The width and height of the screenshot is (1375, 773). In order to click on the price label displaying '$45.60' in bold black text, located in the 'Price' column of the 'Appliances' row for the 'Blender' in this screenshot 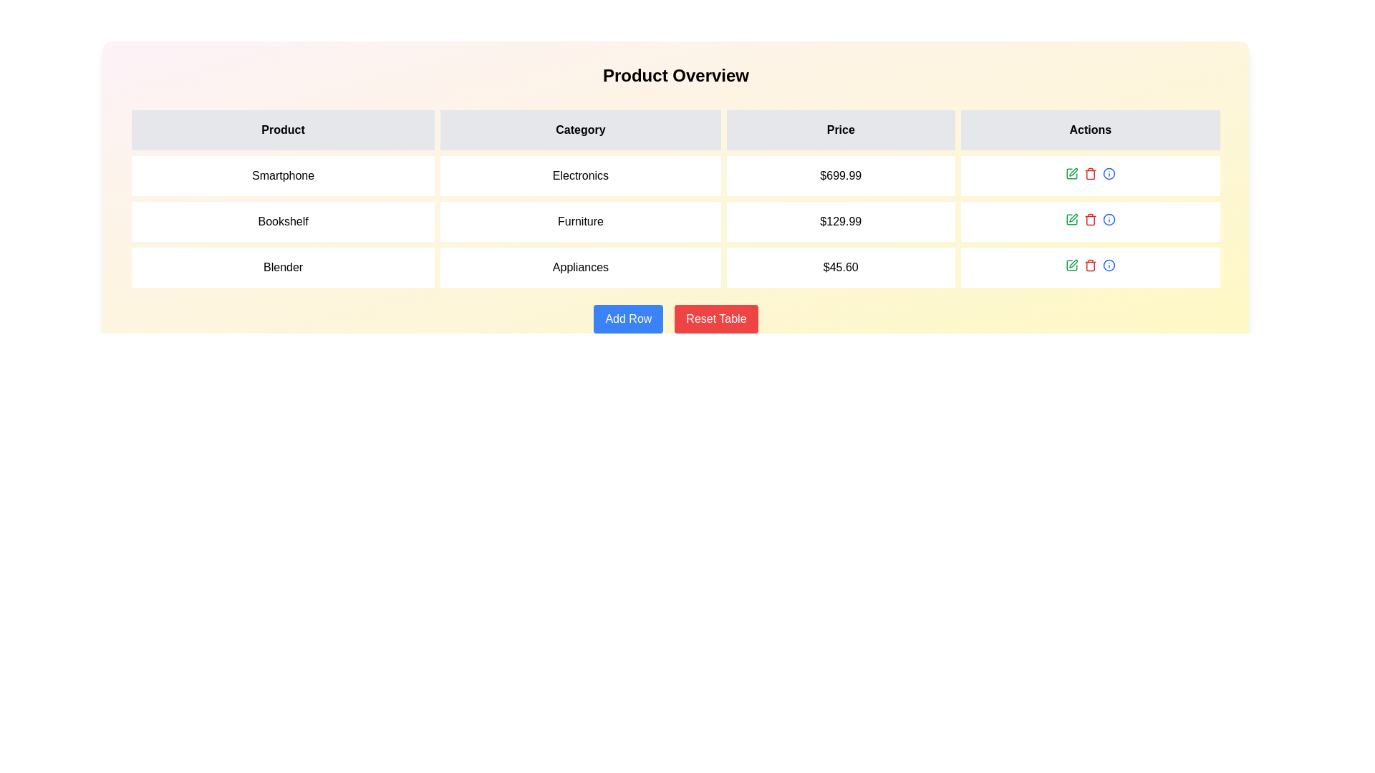, I will do `click(841, 268)`.